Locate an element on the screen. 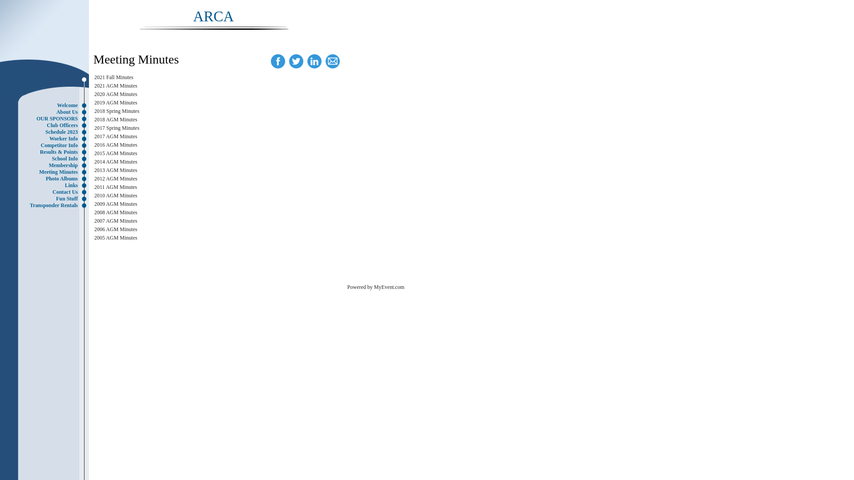 The height and width of the screenshot is (480, 854). 'Powered by MyEvent.com' is located at coordinates (375, 287).